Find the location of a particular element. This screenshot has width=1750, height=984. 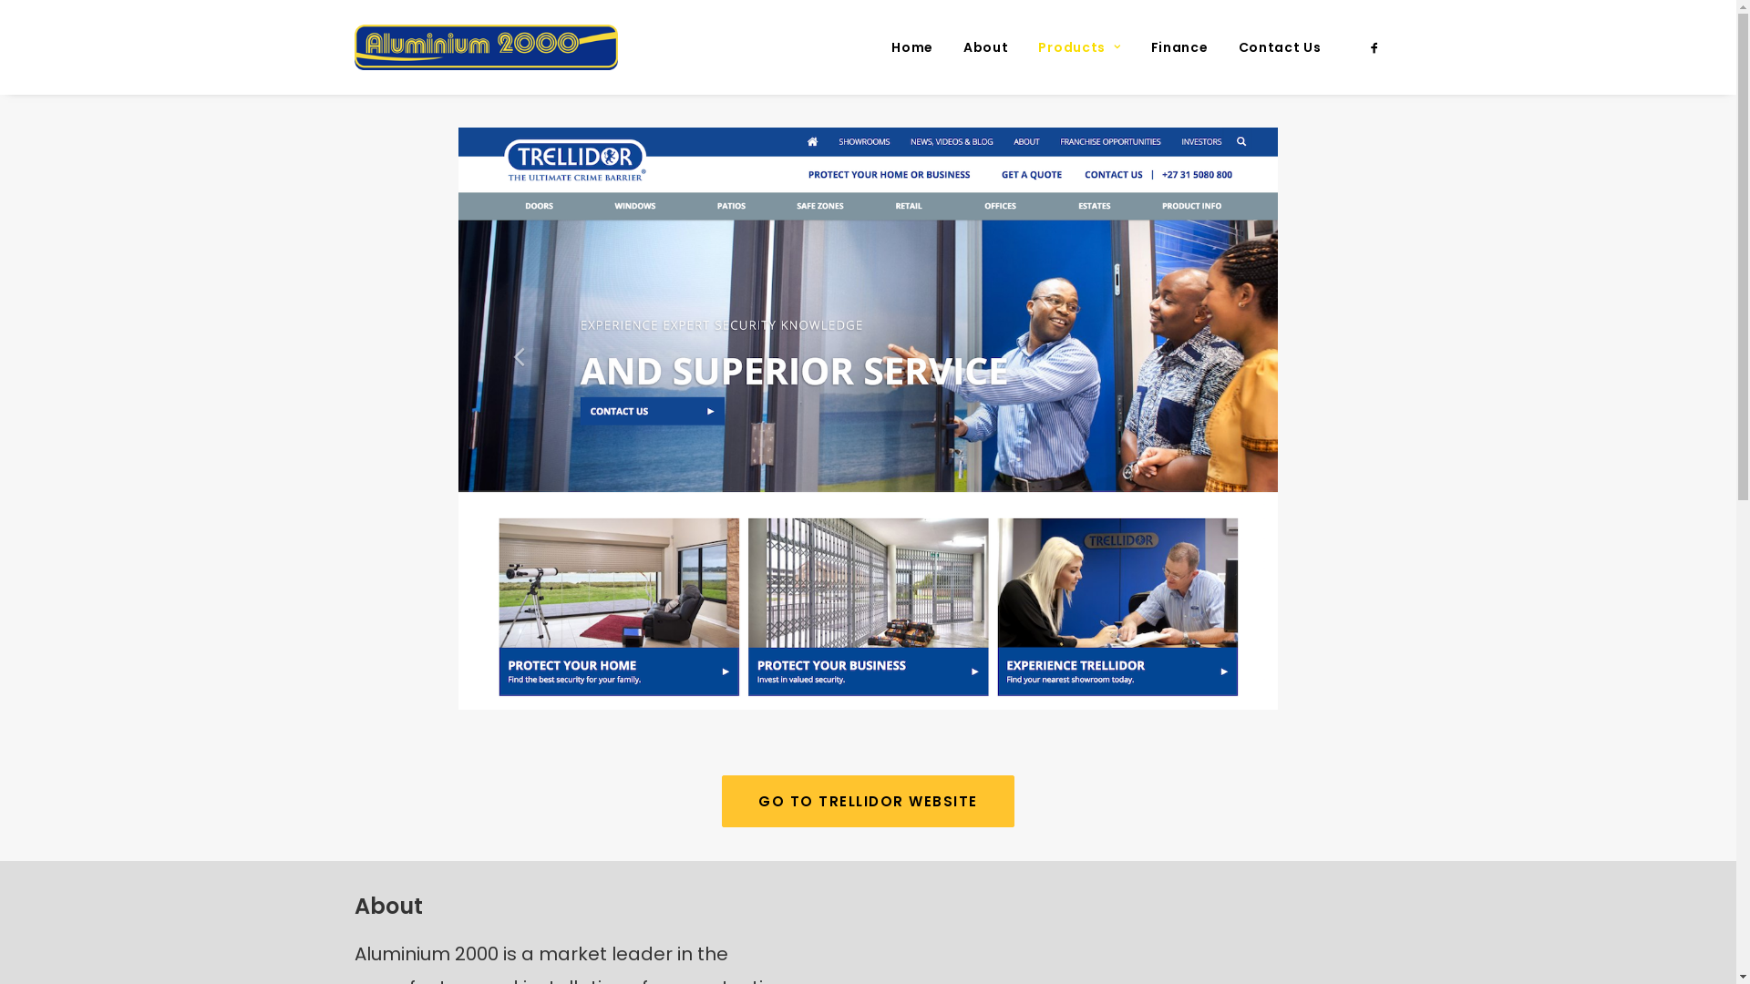

'Home' is located at coordinates (912, 46).